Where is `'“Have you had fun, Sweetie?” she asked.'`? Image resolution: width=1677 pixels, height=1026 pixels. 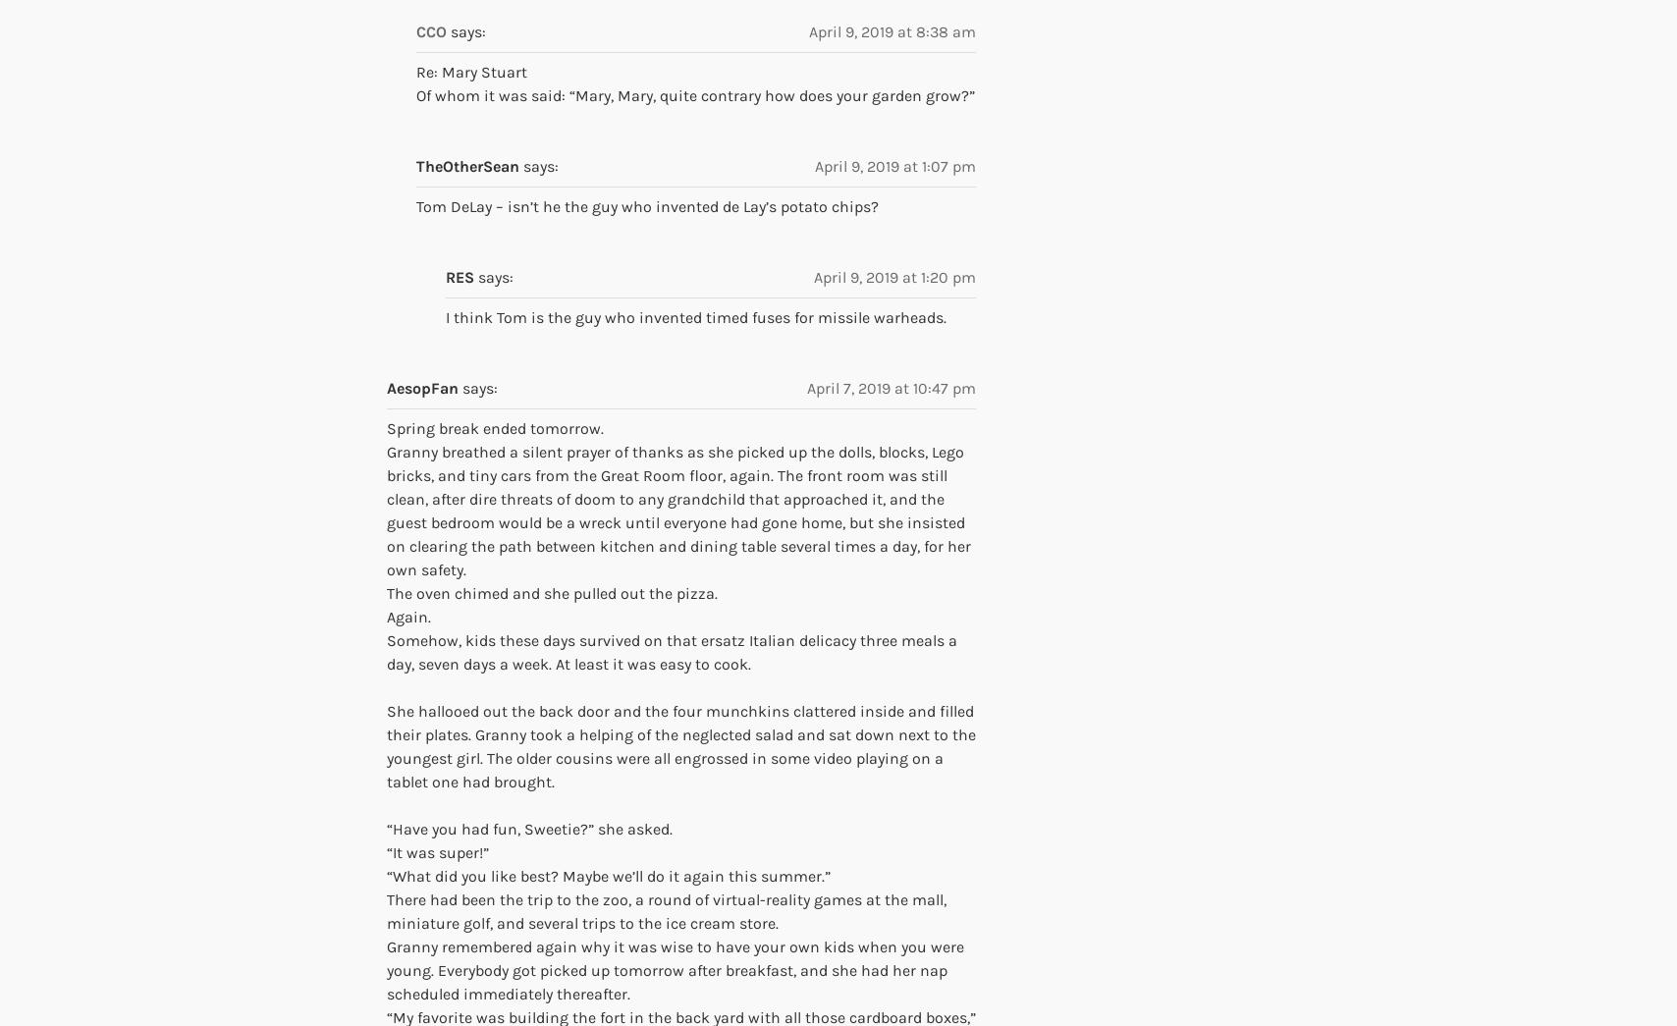
'“Have you had fun, Sweetie?” she asked.' is located at coordinates (387, 828).